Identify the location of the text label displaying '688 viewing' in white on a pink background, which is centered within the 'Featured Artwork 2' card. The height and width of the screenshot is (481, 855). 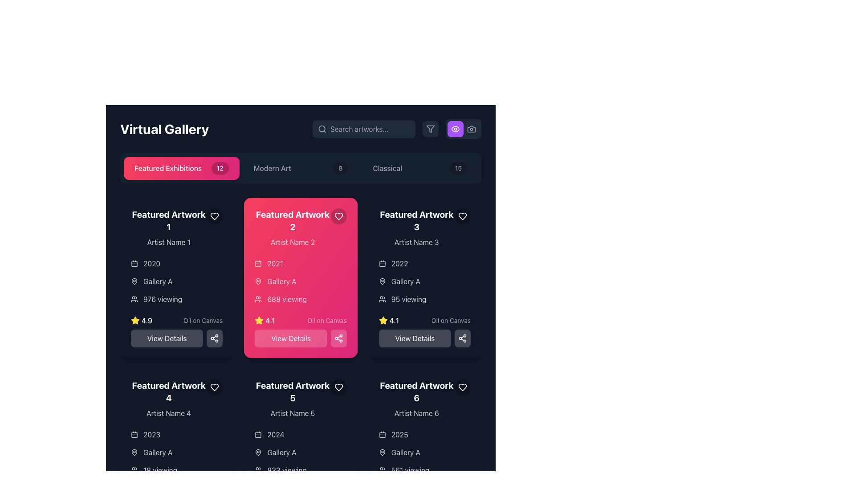
(287, 299).